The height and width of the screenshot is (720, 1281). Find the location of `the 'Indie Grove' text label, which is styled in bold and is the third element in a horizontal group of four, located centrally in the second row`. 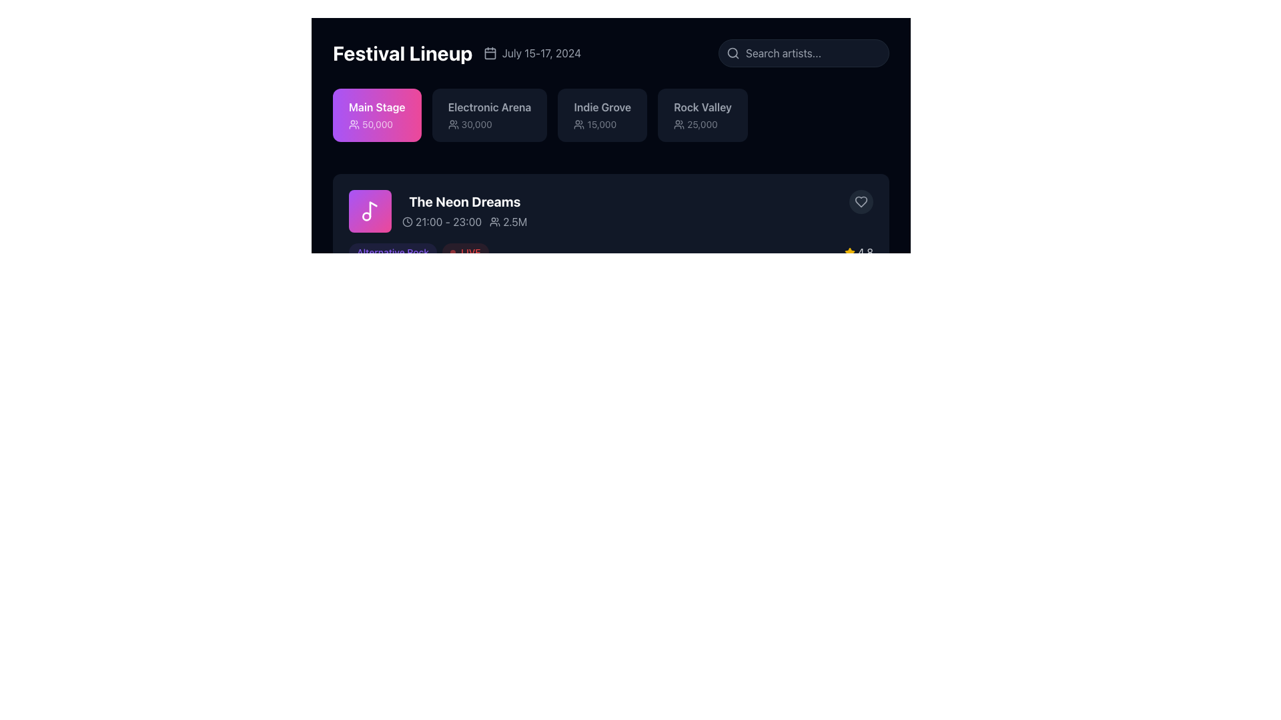

the 'Indie Grove' text label, which is styled in bold and is the third element in a horizontal group of four, located centrally in the second row is located at coordinates (602, 107).